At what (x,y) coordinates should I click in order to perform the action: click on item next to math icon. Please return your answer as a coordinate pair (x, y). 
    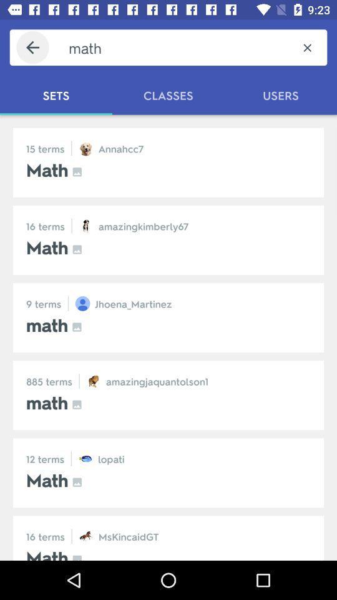
    Looking at the image, I should click on (306, 47).